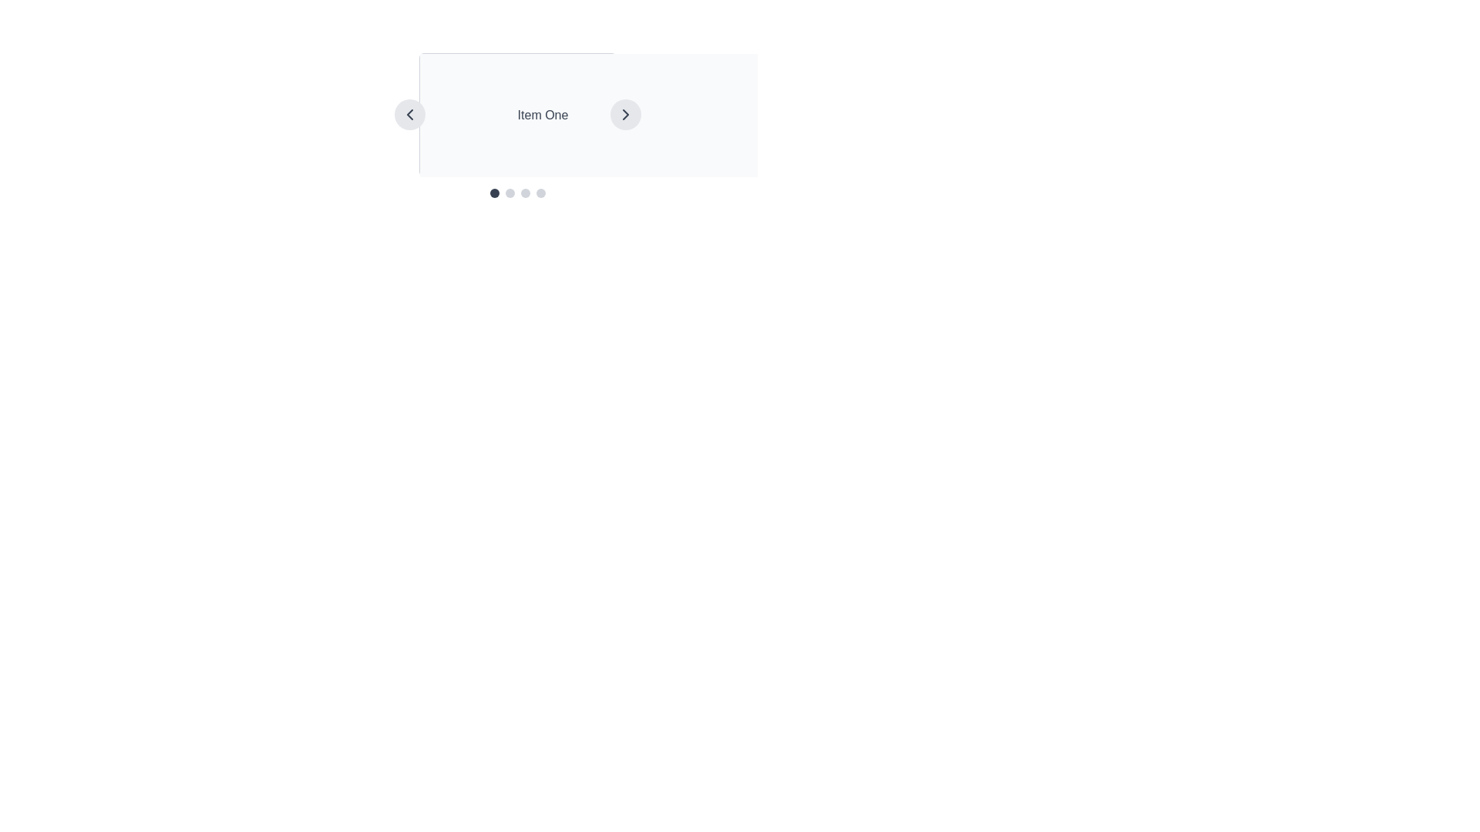  What do you see at coordinates (510, 192) in the screenshot?
I see `the second circular clickable step indicator located below the 'Item One' text in the multi-step navigation system` at bounding box center [510, 192].